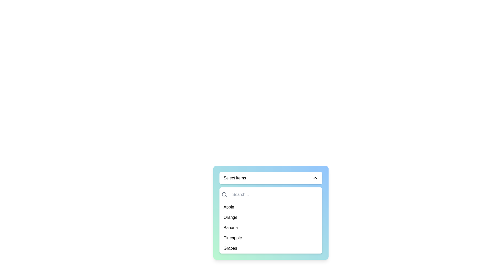 The width and height of the screenshot is (494, 278). Describe the element at coordinates (315, 178) in the screenshot. I see `the upward-pointing chevron icon in the 'Select items' dropdown header` at that location.